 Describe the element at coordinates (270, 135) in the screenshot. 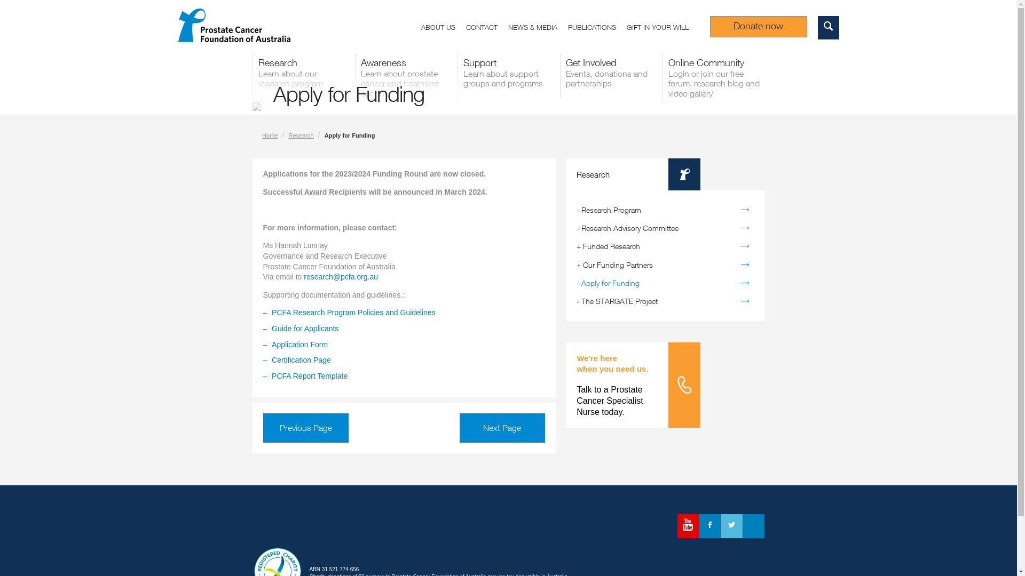

I see `'Home'` at that location.